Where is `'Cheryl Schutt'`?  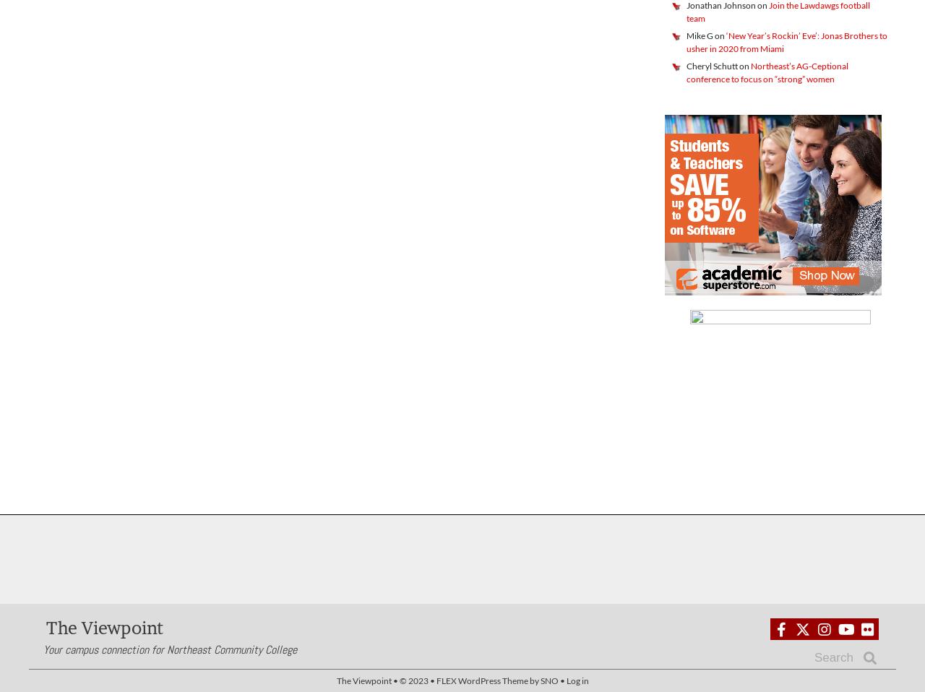 'Cheryl Schutt' is located at coordinates (686, 66).